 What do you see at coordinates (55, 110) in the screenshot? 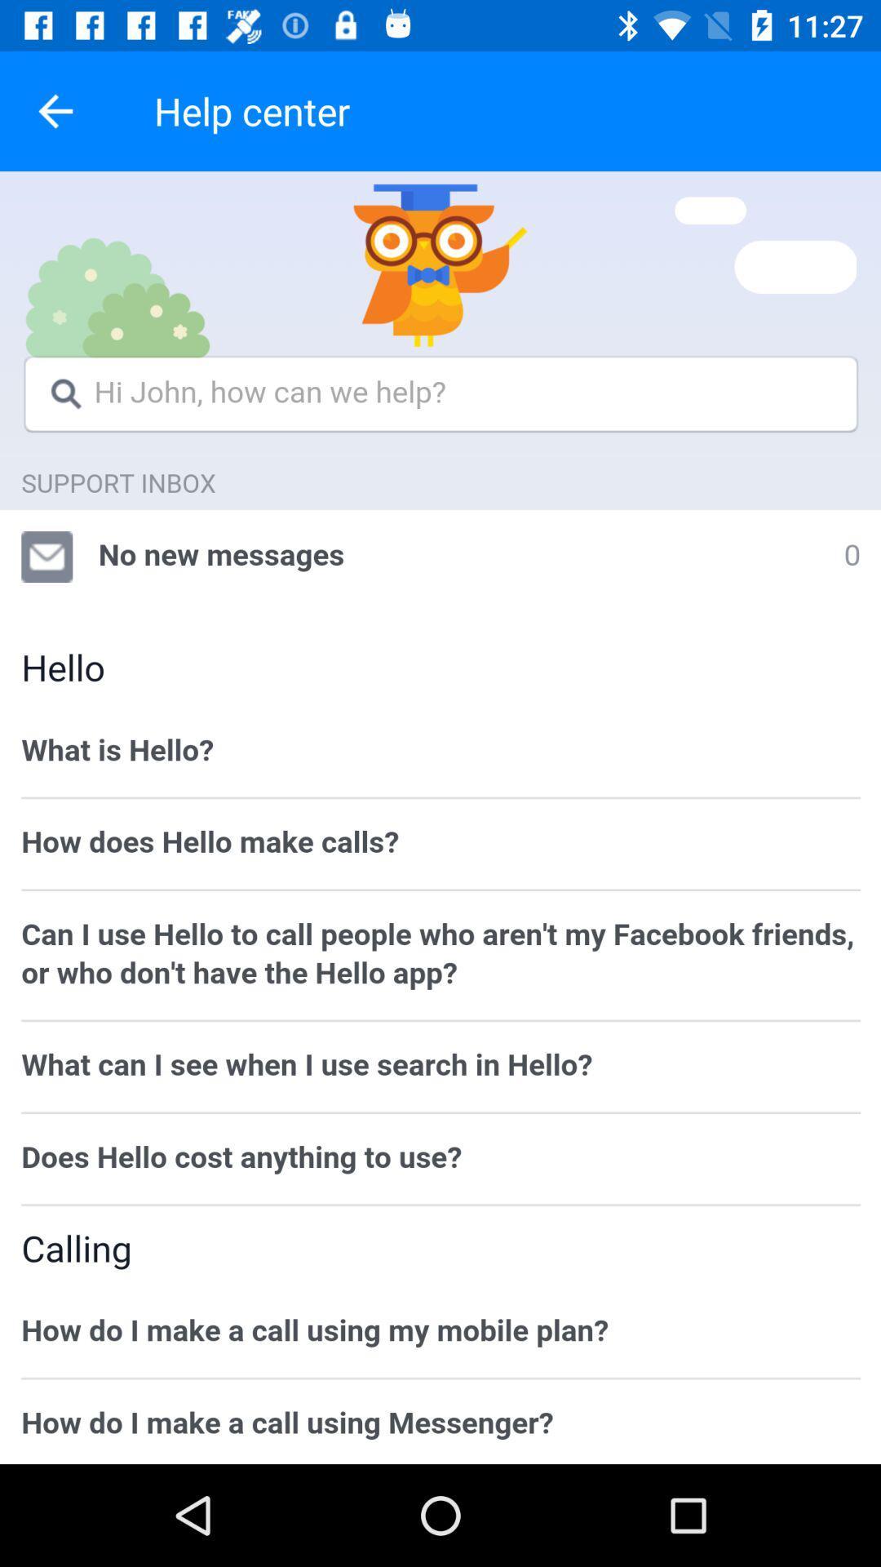
I see `the previous page` at bounding box center [55, 110].